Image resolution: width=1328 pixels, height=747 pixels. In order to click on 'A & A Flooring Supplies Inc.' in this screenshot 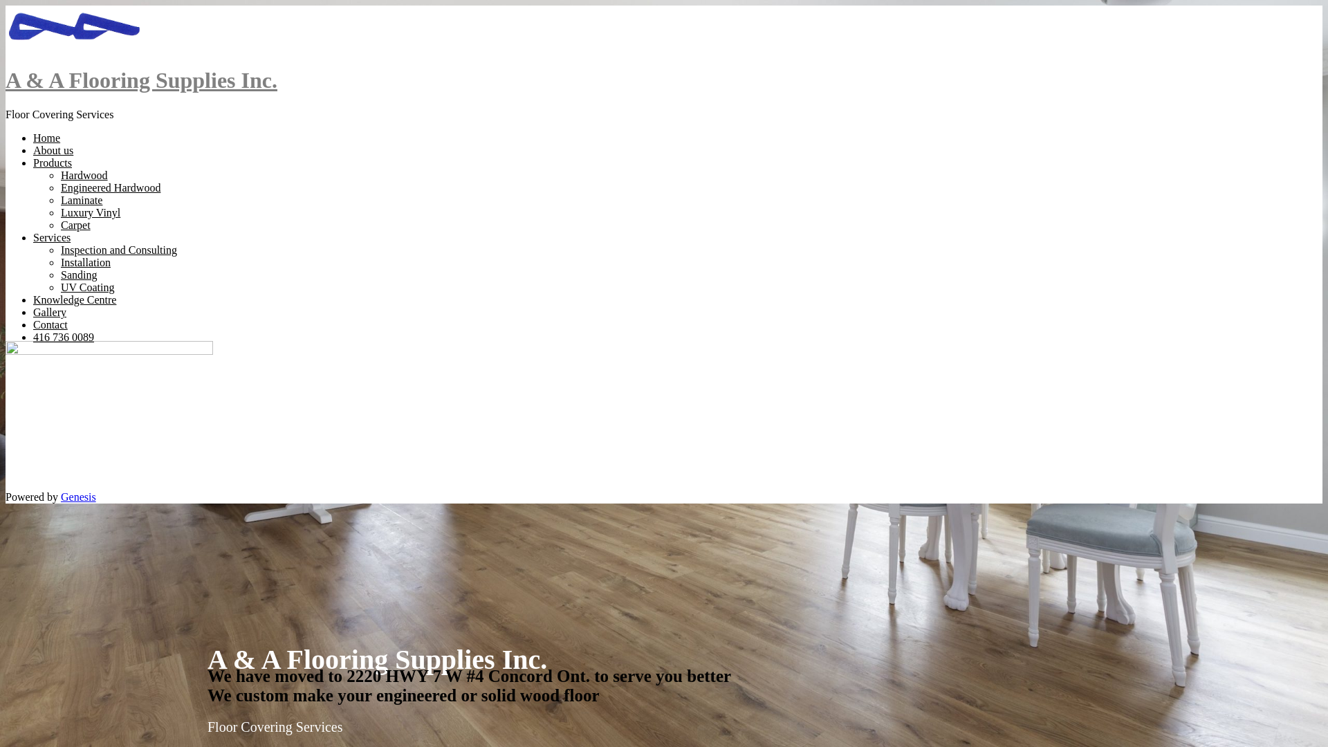, I will do `click(141, 80)`.